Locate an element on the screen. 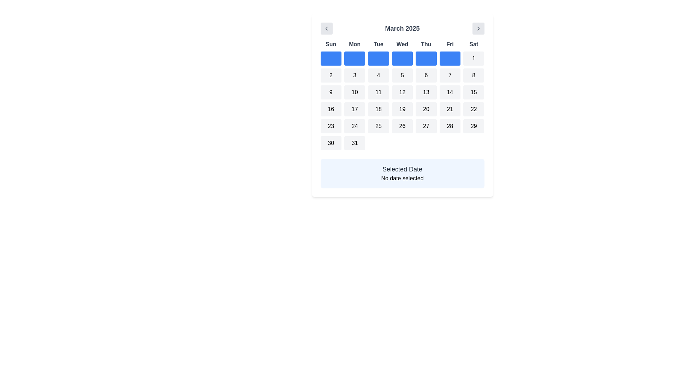 The height and width of the screenshot is (381, 678). the Interactive Button in the calendar grid is located at coordinates (355, 143).